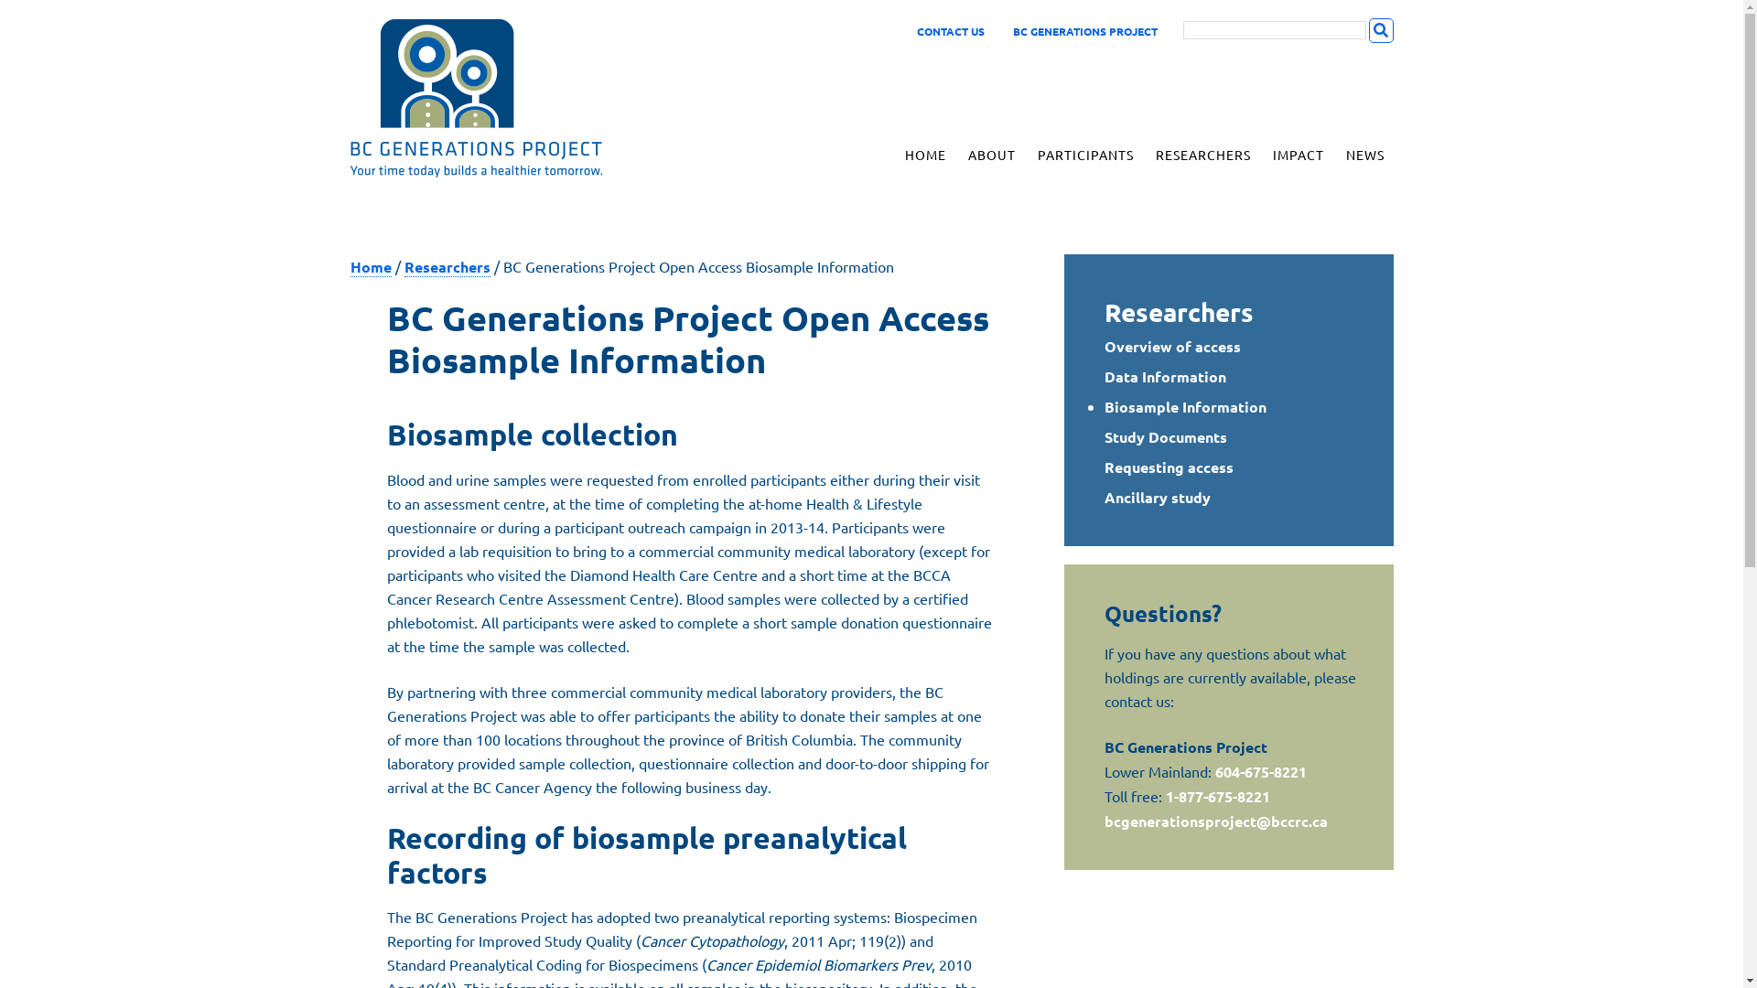 The height and width of the screenshot is (988, 1757). I want to click on 'Ancillary study', so click(1157, 496).